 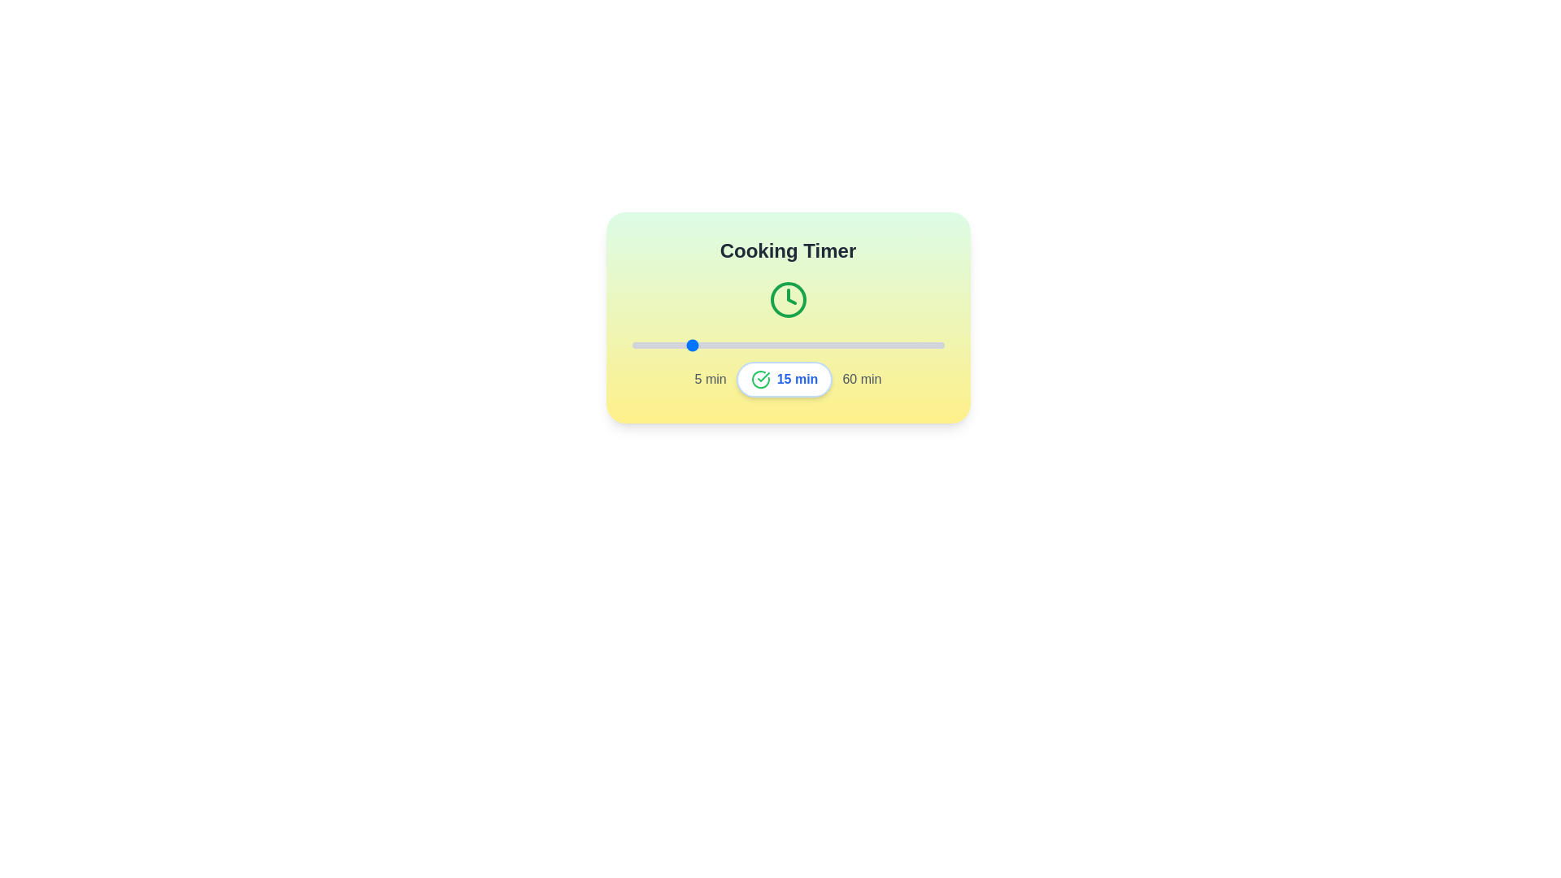 I want to click on information conveyed by the text label indicating the selected duration of '15 minutes' in the timer interface, which is positioned below the horizontal slider with '5 min' and '60 min' markers, so click(x=798, y=379).